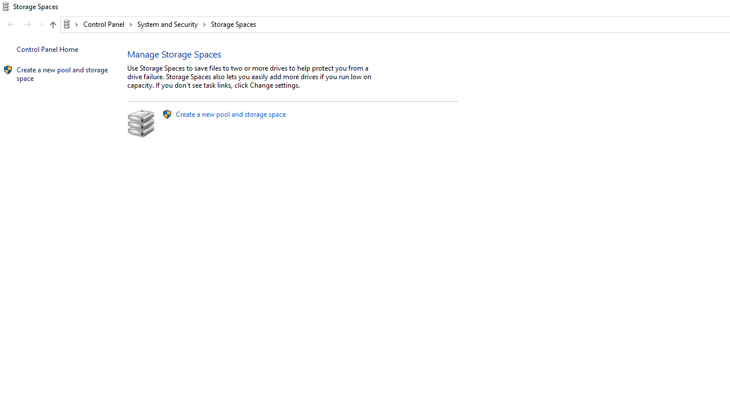 The image size is (730, 410). I want to click on 'Icon', so click(8, 70).